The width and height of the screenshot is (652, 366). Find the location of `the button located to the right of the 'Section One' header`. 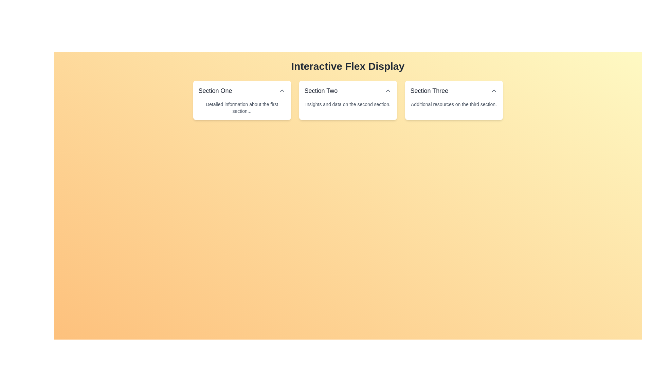

the button located to the right of the 'Section One' header is located at coordinates (282, 90).